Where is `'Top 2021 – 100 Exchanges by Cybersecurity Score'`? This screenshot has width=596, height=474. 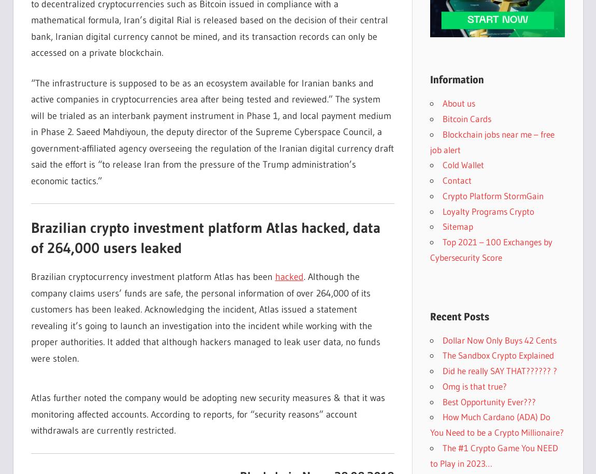
'Top 2021 – 100 Exchanges by Cybersecurity Score' is located at coordinates (491, 249).